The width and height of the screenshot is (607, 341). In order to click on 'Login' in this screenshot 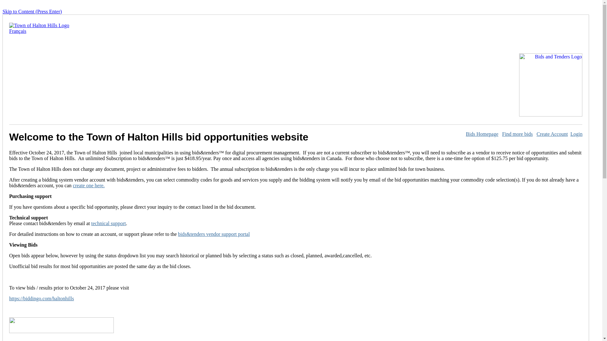, I will do `click(576, 134)`.